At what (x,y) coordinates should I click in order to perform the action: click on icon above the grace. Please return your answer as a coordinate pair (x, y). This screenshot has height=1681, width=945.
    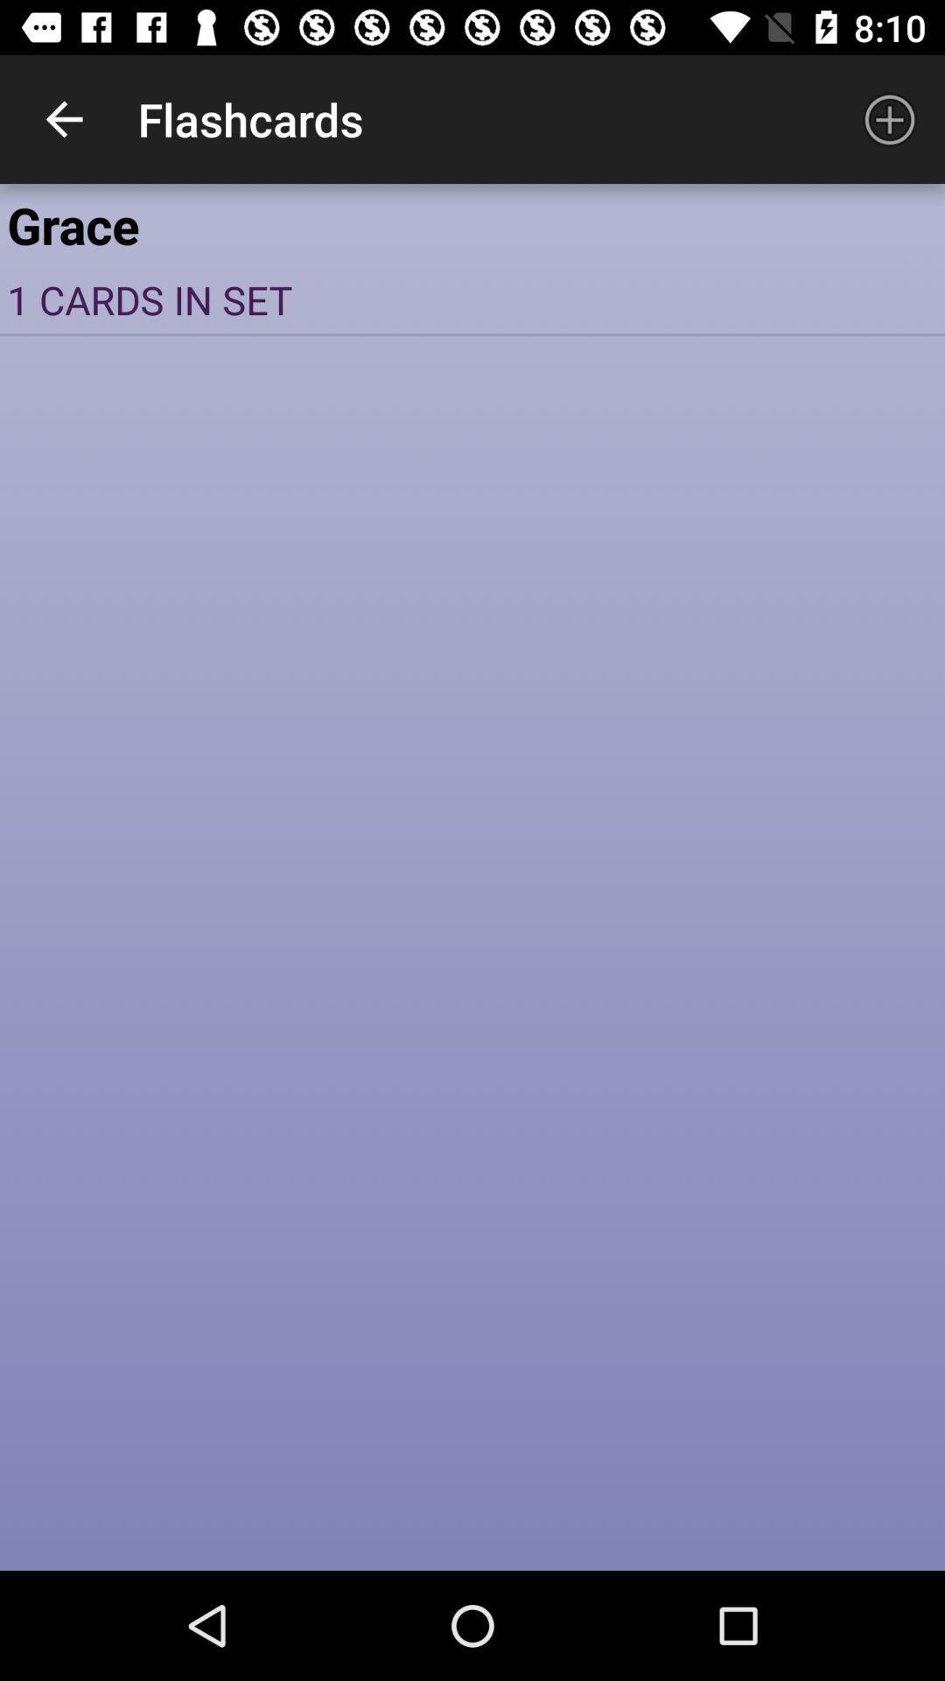
    Looking at the image, I should click on (63, 118).